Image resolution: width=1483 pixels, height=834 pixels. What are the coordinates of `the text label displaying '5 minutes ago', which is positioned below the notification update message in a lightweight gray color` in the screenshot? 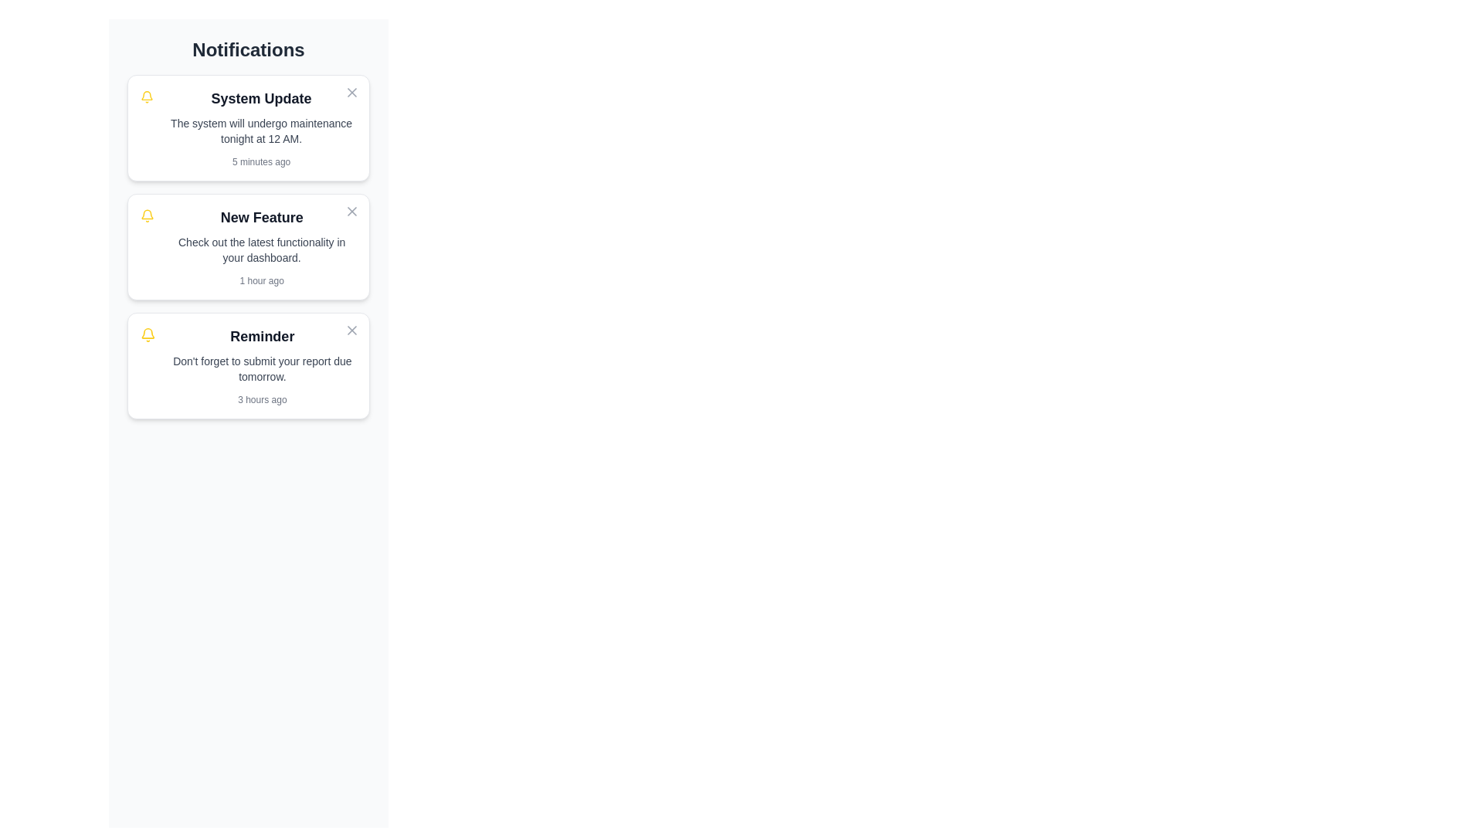 It's located at (261, 161).